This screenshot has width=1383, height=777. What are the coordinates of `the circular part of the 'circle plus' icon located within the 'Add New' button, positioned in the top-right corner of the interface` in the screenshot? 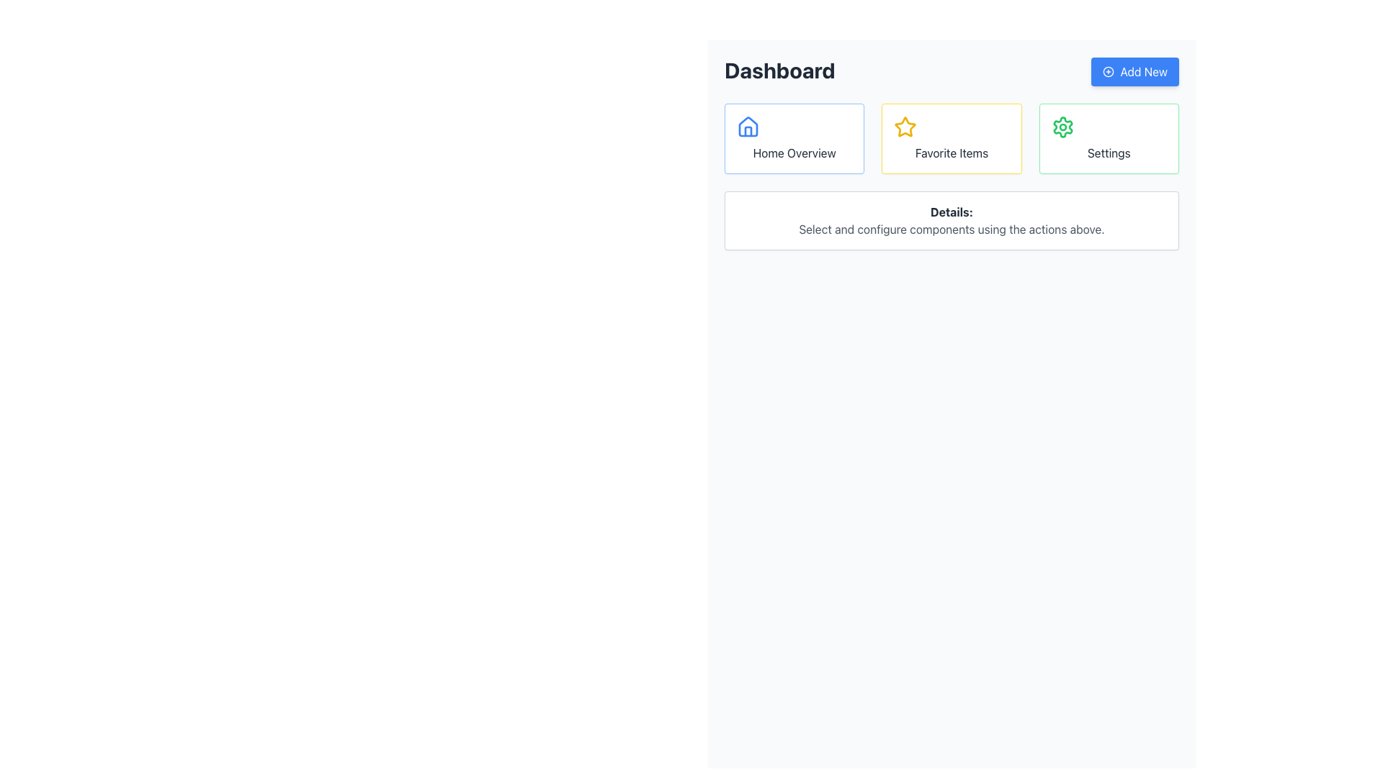 It's located at (1108, 72).